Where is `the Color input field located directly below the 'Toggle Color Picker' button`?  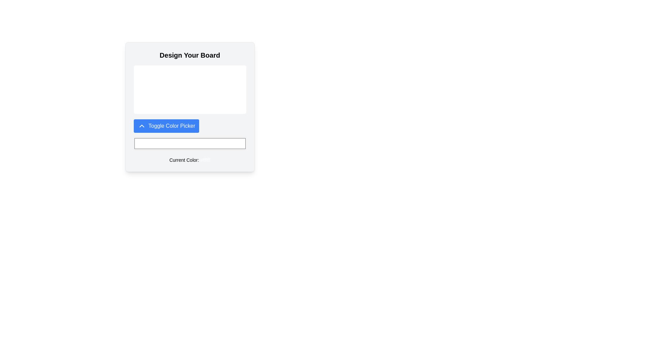 the Color input field located directly below the 'Toggle Color Picker' button is located at coordinates (189, 143).